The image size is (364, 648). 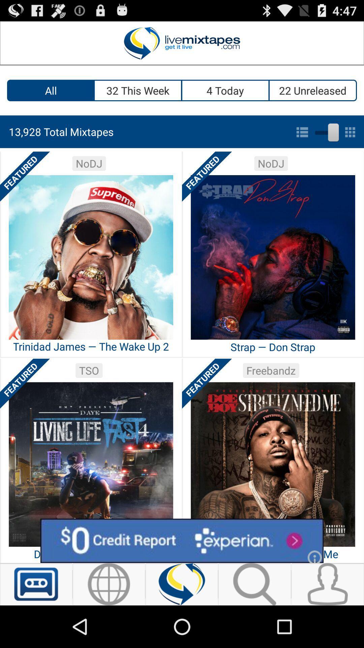 I want to click on the 4 today icon, so click(x=225, y=90).